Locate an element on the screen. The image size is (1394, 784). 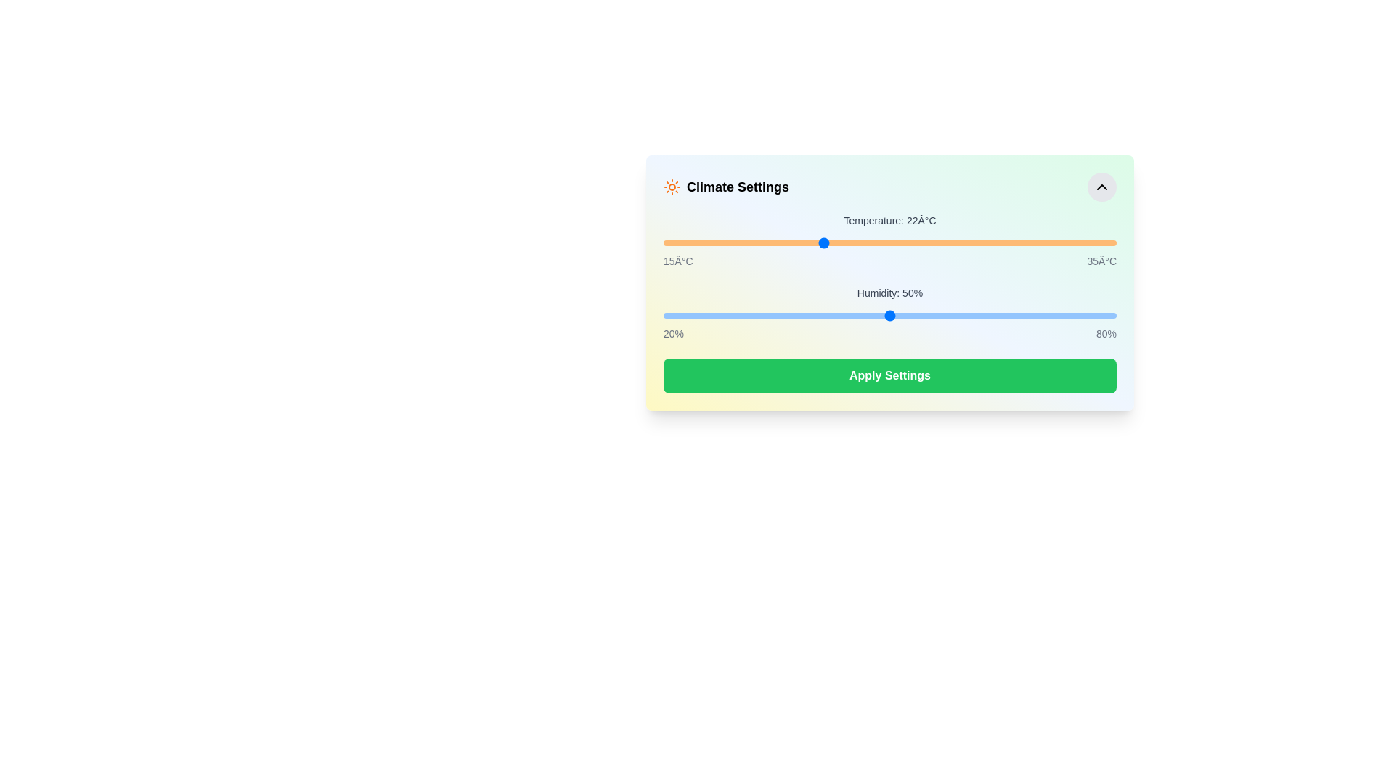
the temperature is located at coordinates (799, 242).